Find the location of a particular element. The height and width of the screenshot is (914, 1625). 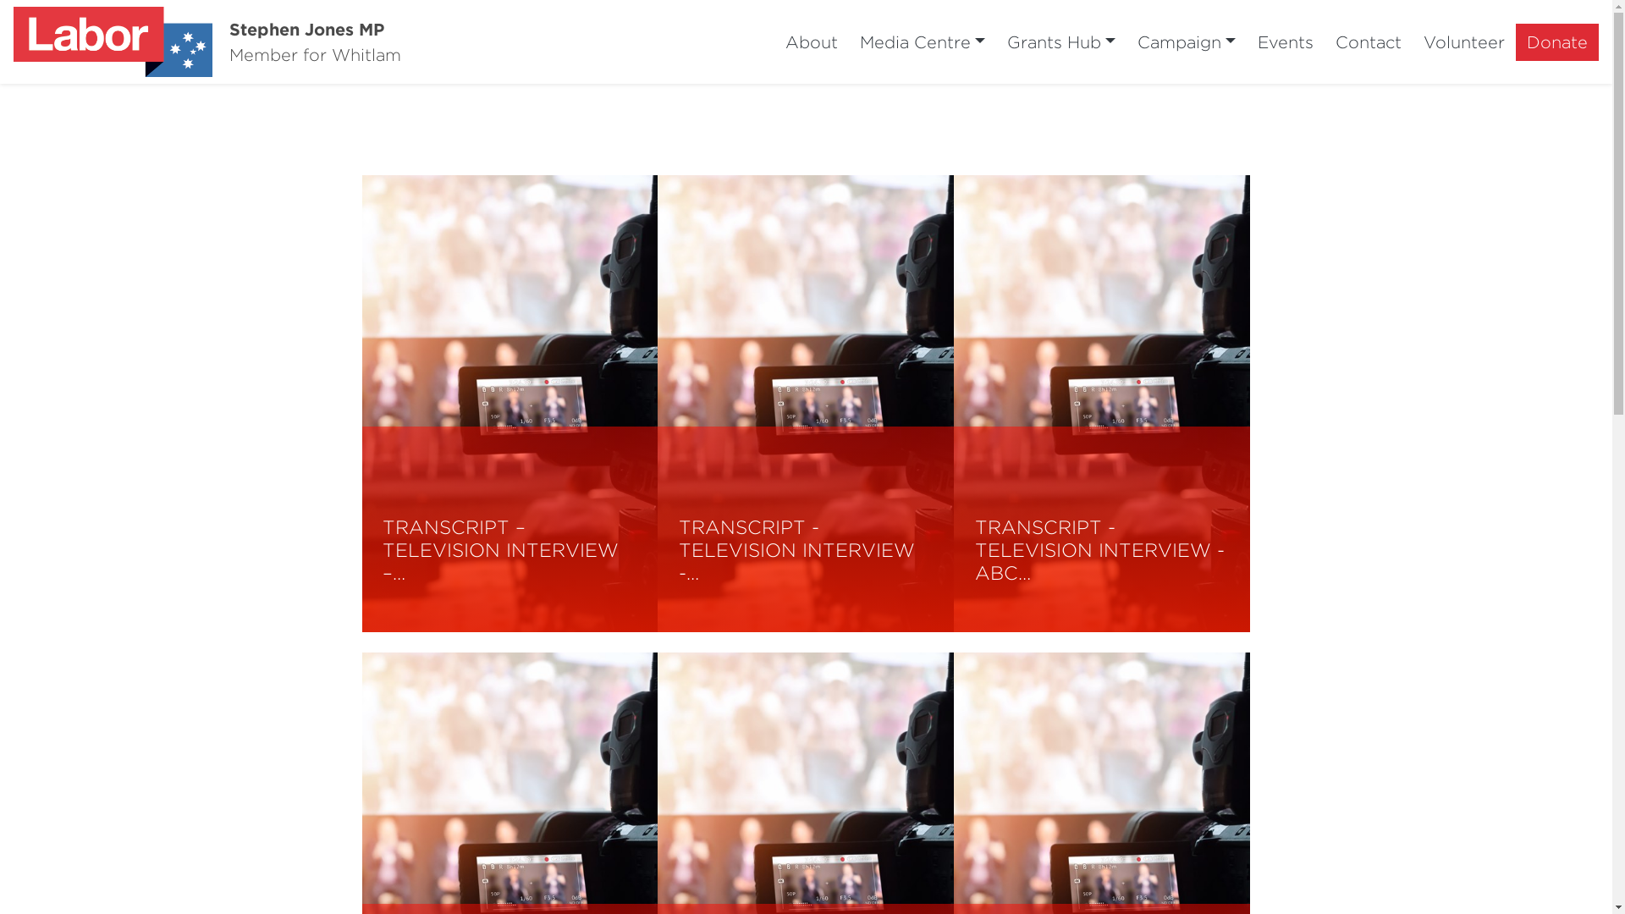

'Contact' is located at coordinates (1369, 41).